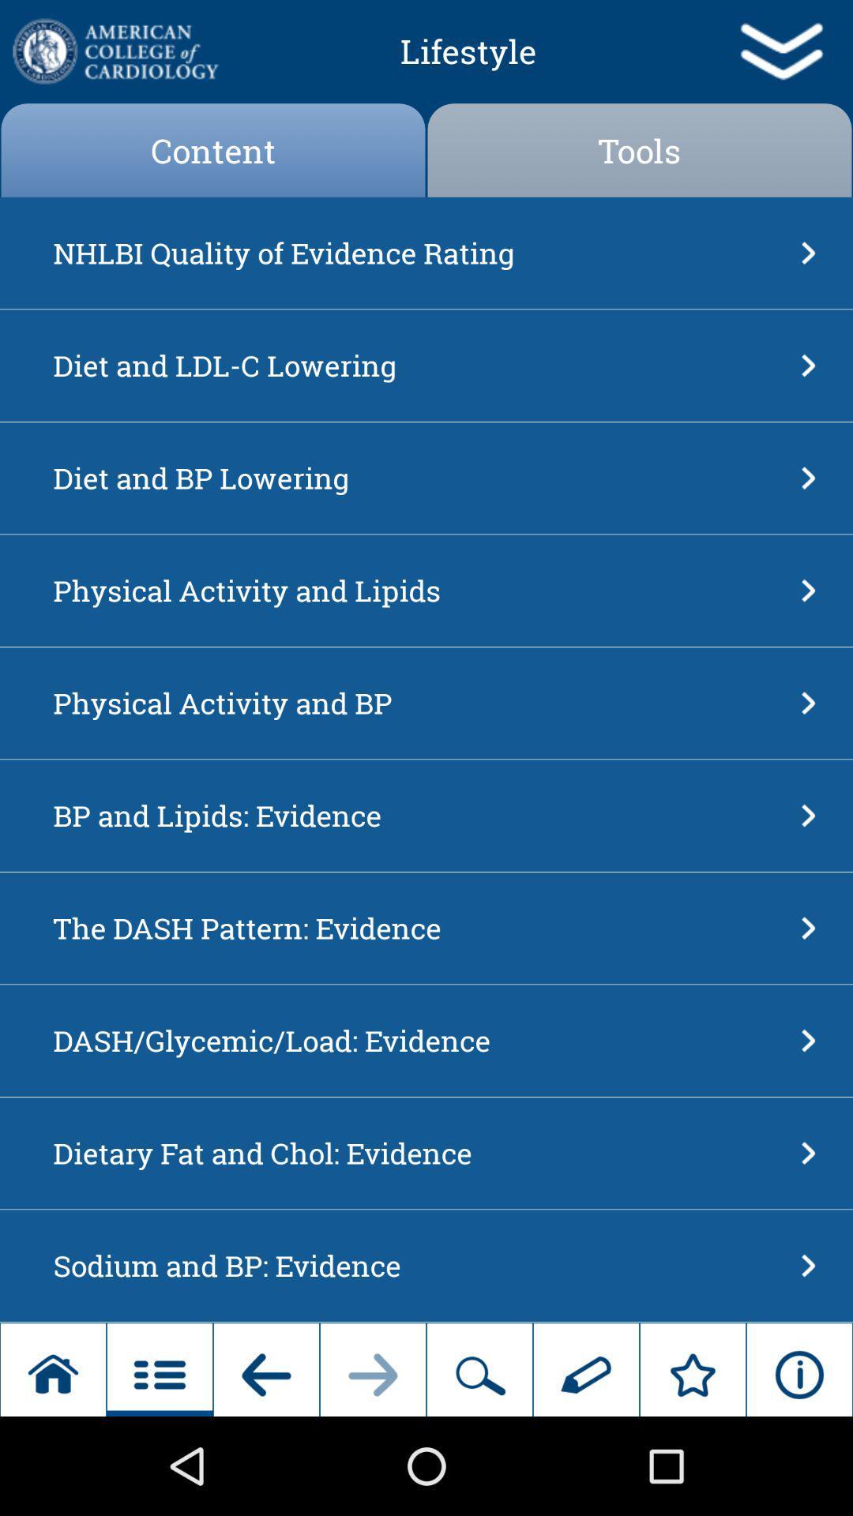 This screenshot has height=1516, width=853. What do you see at coordinates (114, 51) in the screenshot?
I see `university homepage` at bounding box center [114, 51].